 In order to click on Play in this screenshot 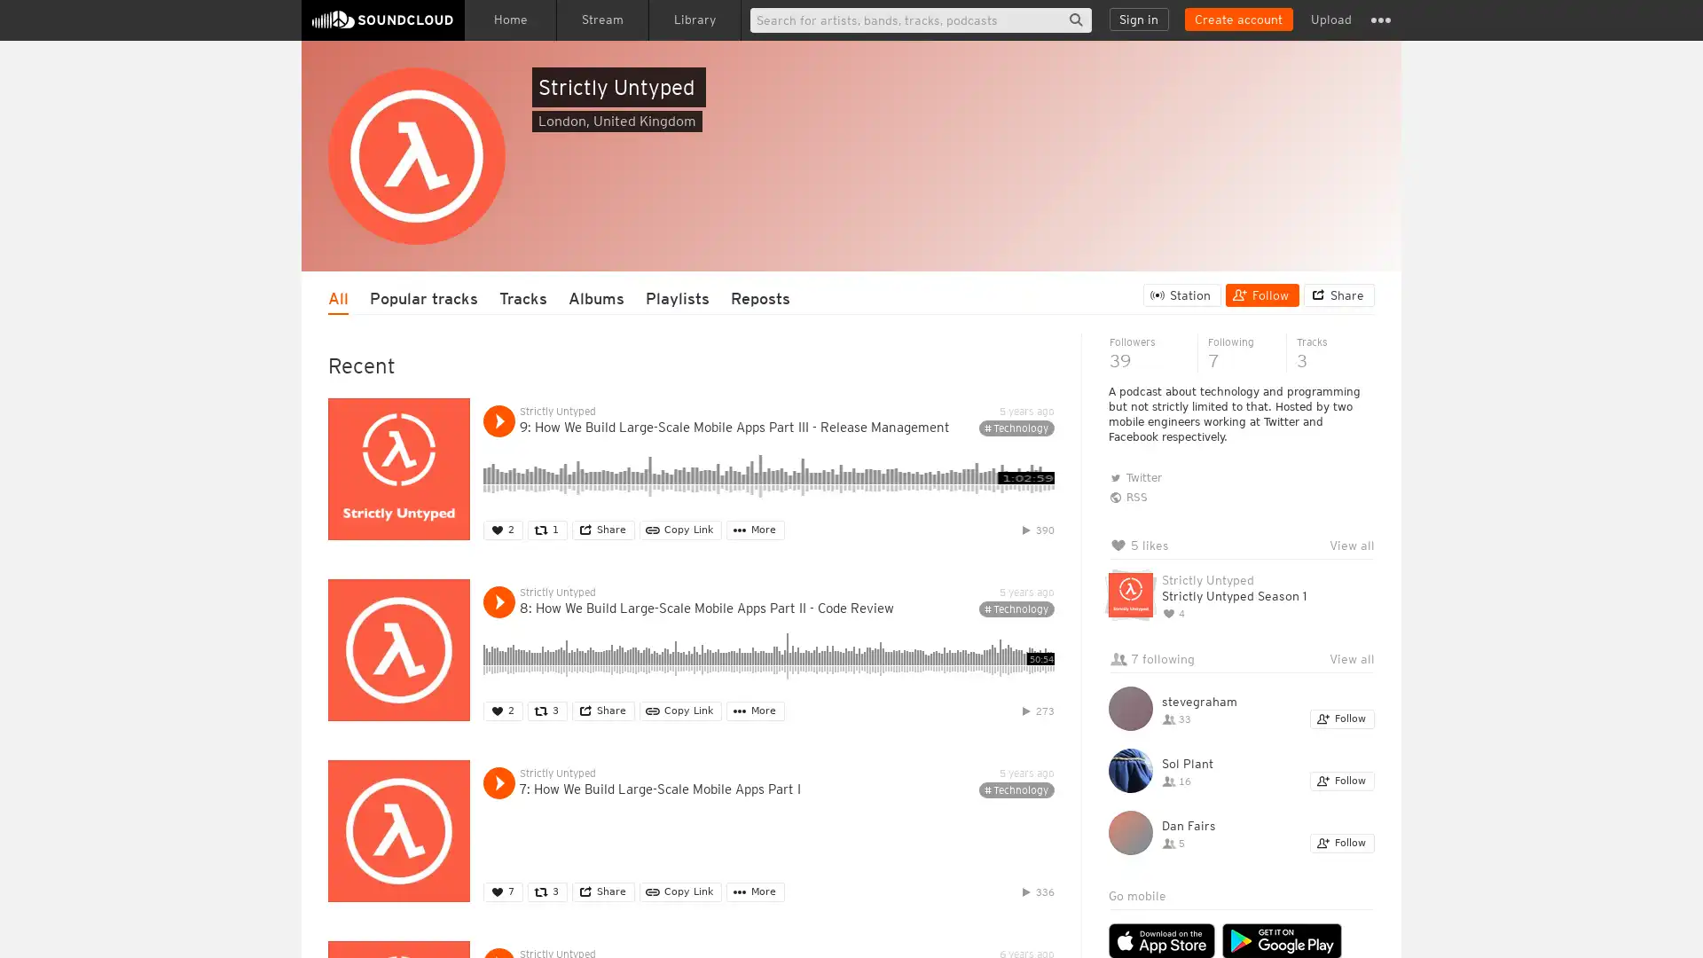, I will do `click(498, 420)`.